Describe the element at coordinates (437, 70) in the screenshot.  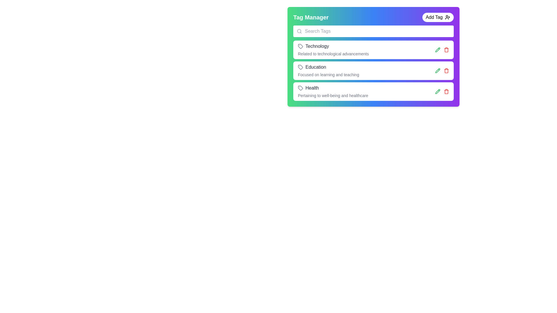
I see `the 'Edit' Icon button located at the right side of the 'Education' tag row to enter edit mode for modifying the details of the associated tag` at that location.